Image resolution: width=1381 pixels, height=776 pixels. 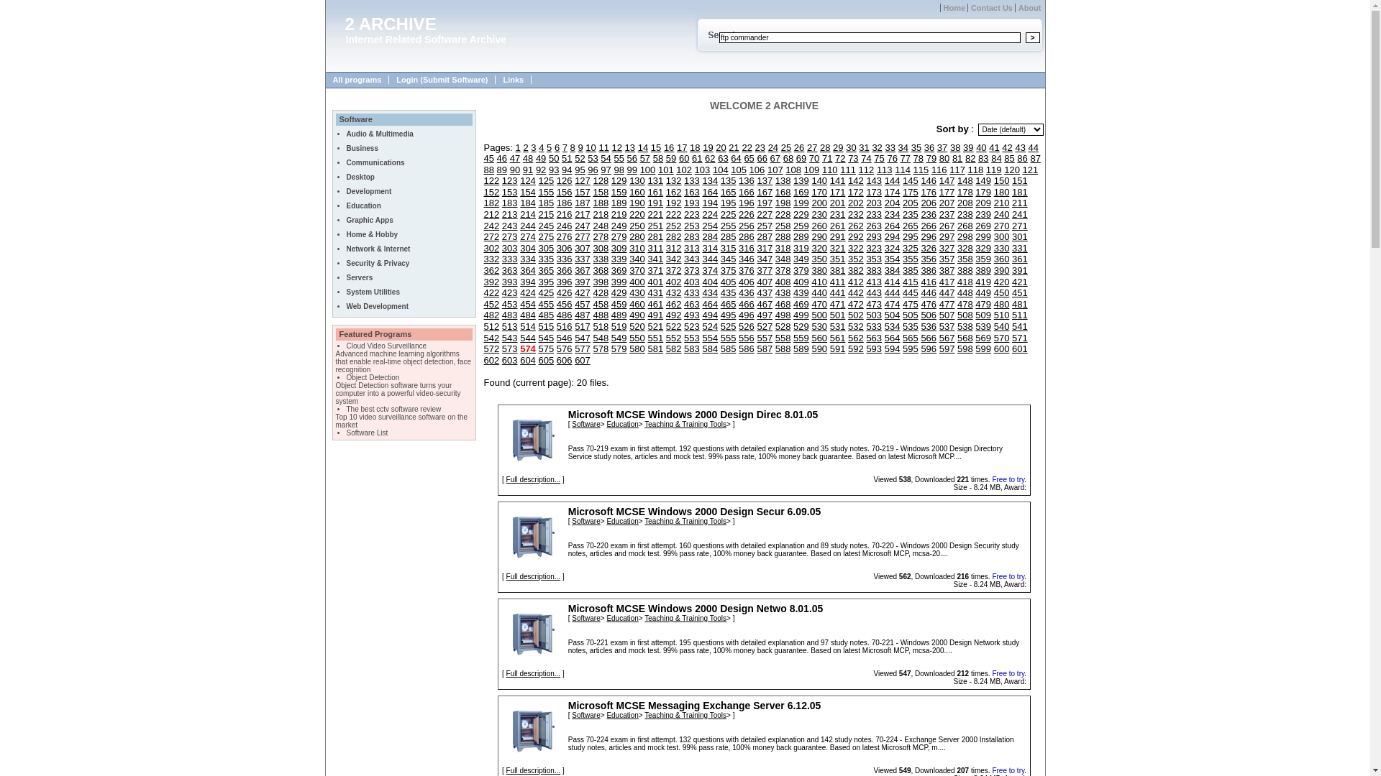 What do you see at coordinates (728, 348) in the screenshot?
I see `'585'` at bounding box center [728, 348].